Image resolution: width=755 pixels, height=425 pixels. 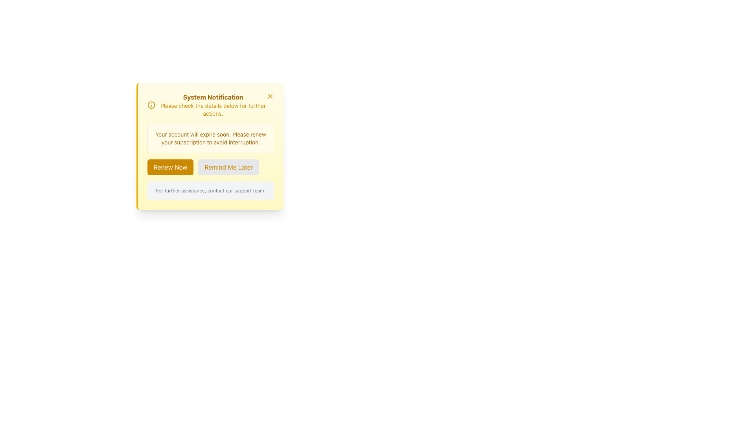 What do you see at coordinates (211, 104) in the screenshot?
I see `contents of the informational alert header located at the top of the notification box, beneath the top border and above the account expiration warning message and action buttons` at bounding box center [211, 104].